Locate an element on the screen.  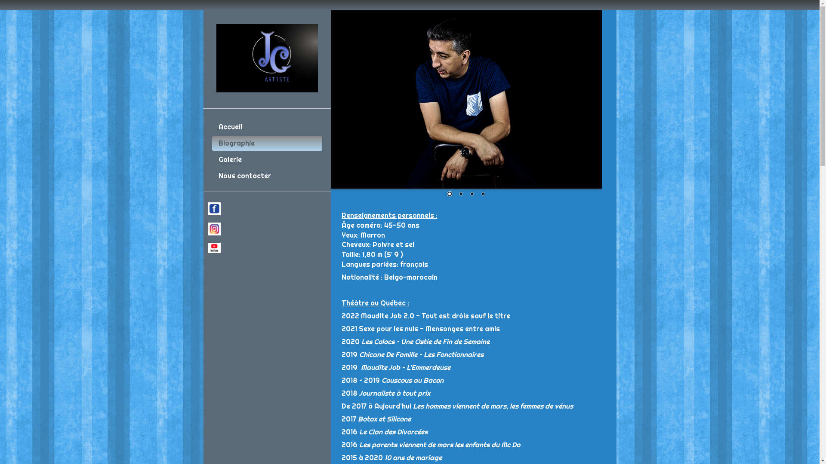
'Accueil' is located at coordinates (266, 127).